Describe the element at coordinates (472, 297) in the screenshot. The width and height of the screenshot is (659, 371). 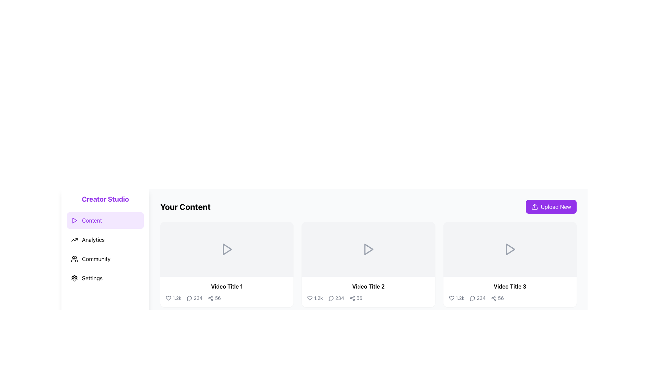
I see `the comments icon located below the video title of 'Video Title 3'` at that location.